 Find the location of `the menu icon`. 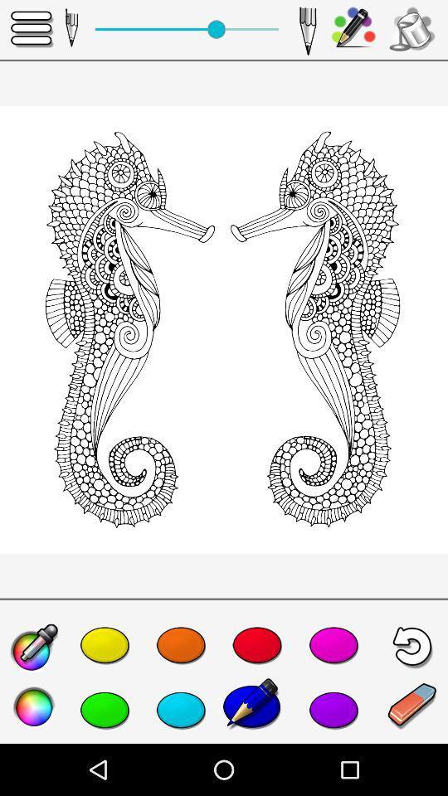

the menu icon is located at coordinates (32, 28).